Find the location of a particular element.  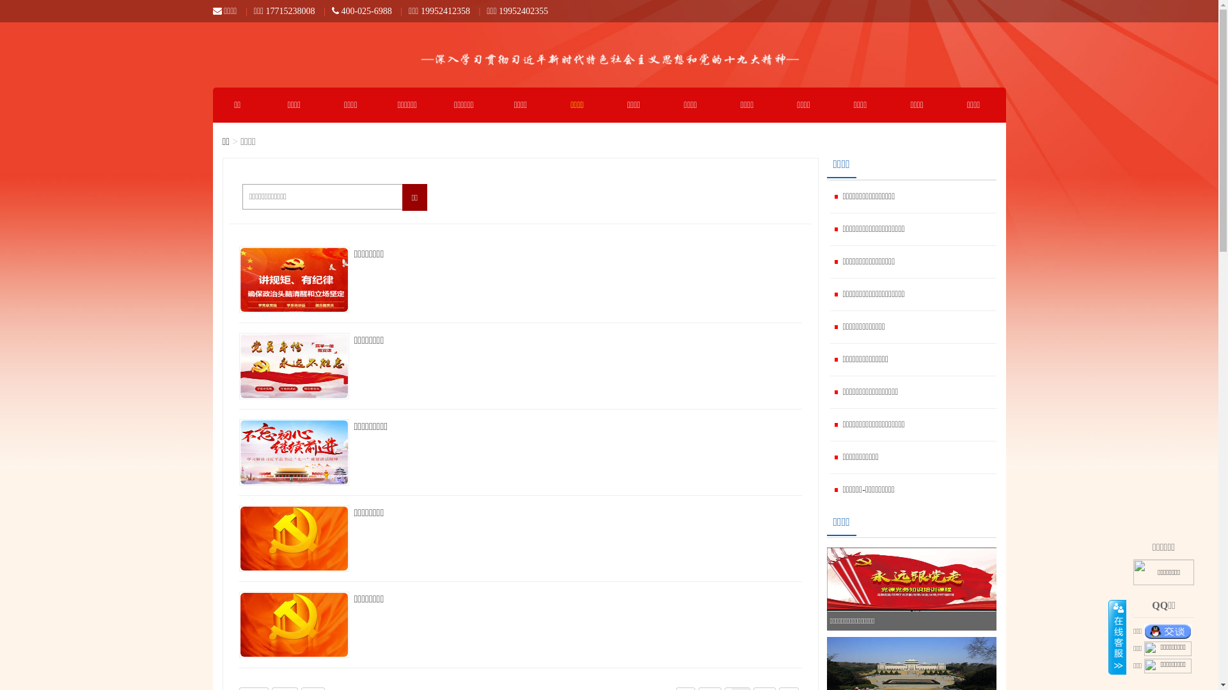

'400-025-6988' is located at coordinates (361, 11).